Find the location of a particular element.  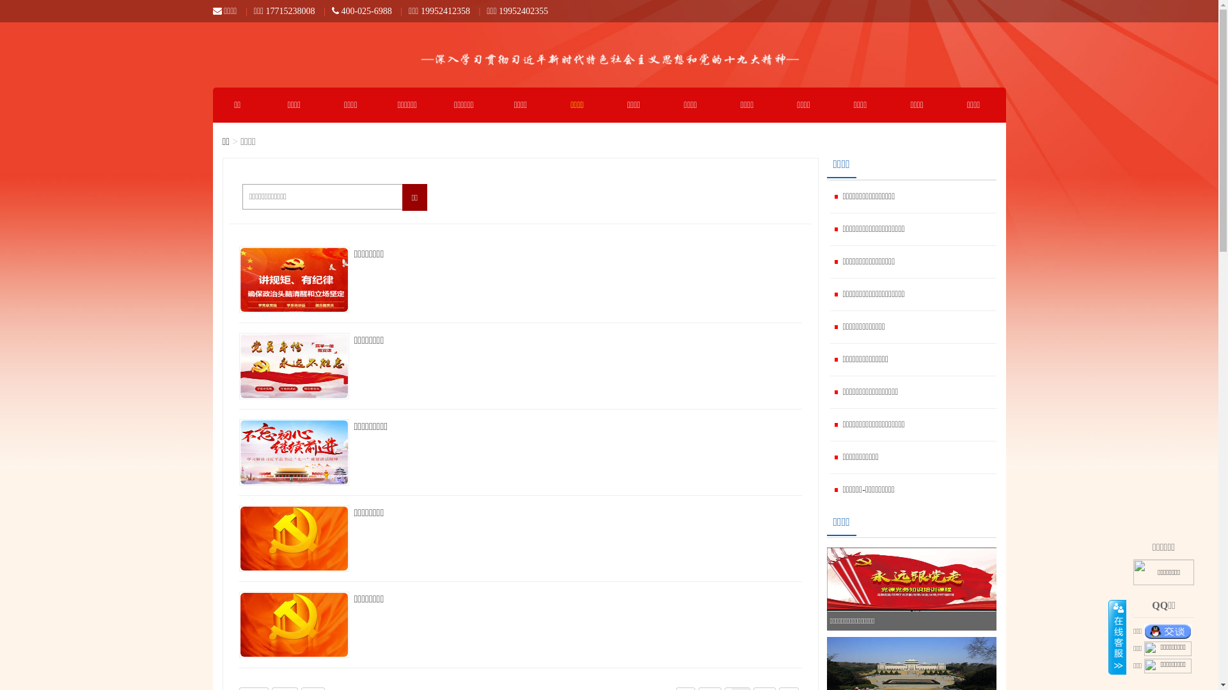

'400-025-6988' is located at coordinates (361, 11).